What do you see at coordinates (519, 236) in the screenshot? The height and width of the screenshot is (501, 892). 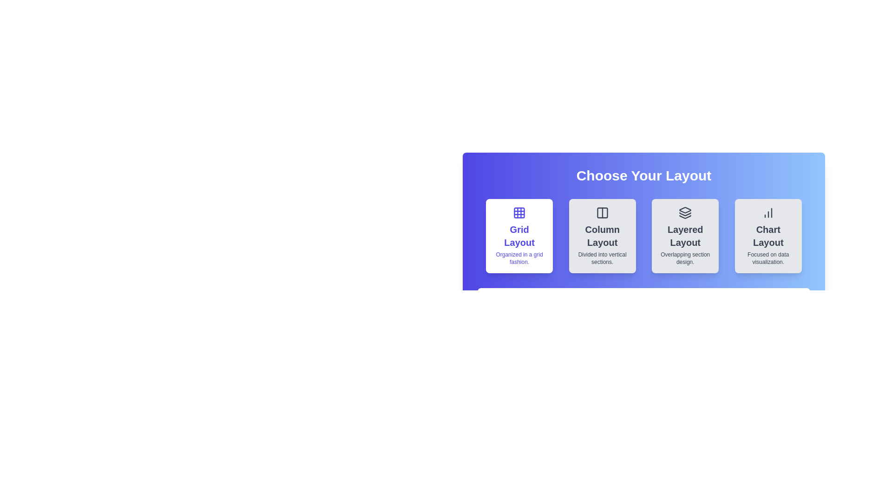 I see `the layout button corresponding to Grid Layout` at bounding box center [519, 236].